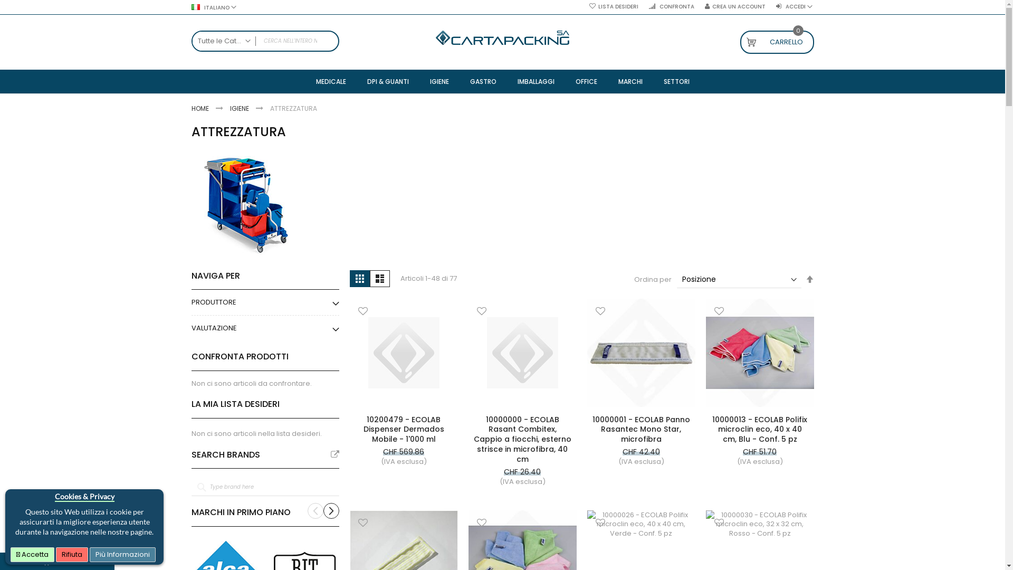 The width and height of the screenshot is (1013, 570). I want to click on 'Attrezzatura', so click(244, 205).